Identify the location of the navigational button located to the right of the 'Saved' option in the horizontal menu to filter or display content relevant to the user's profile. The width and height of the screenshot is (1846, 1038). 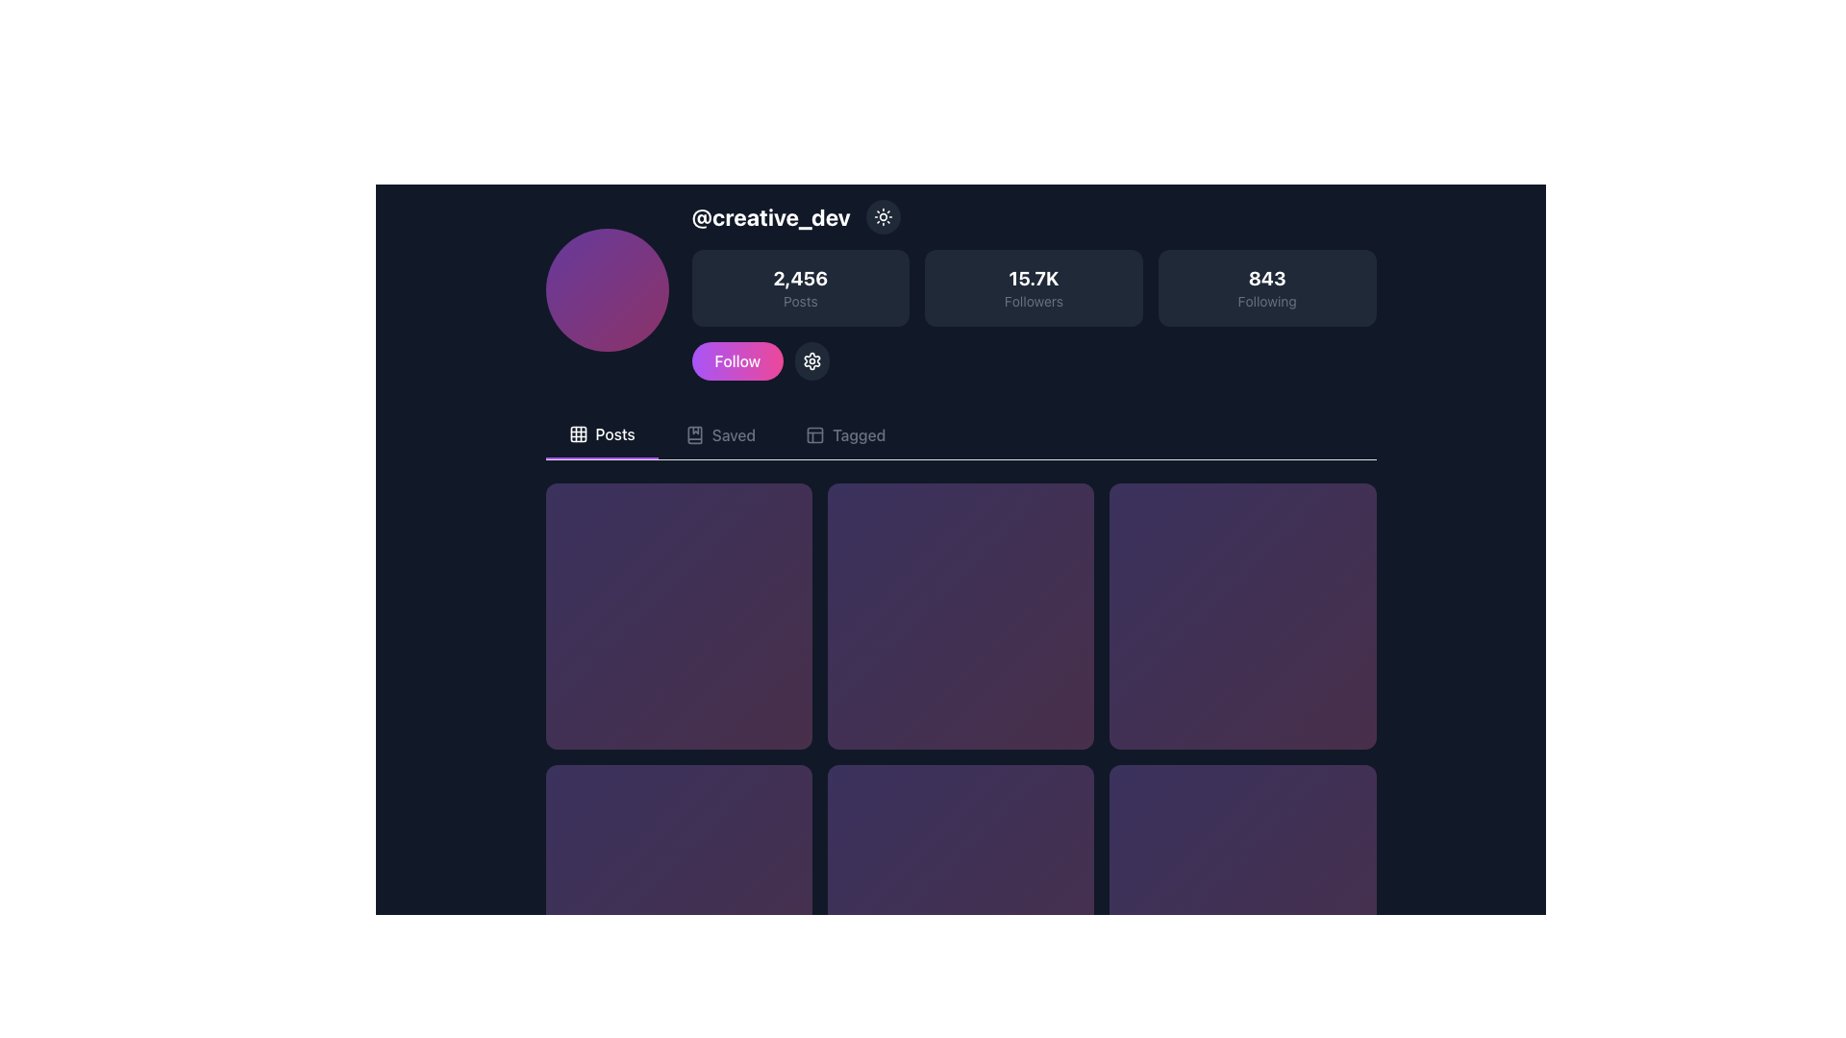
(845, 434).